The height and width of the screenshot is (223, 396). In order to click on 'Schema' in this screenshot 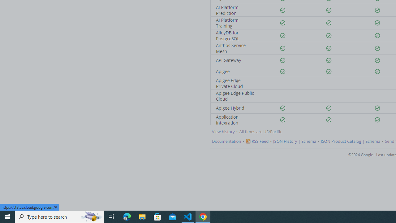, I will do `click(372, 141)`.